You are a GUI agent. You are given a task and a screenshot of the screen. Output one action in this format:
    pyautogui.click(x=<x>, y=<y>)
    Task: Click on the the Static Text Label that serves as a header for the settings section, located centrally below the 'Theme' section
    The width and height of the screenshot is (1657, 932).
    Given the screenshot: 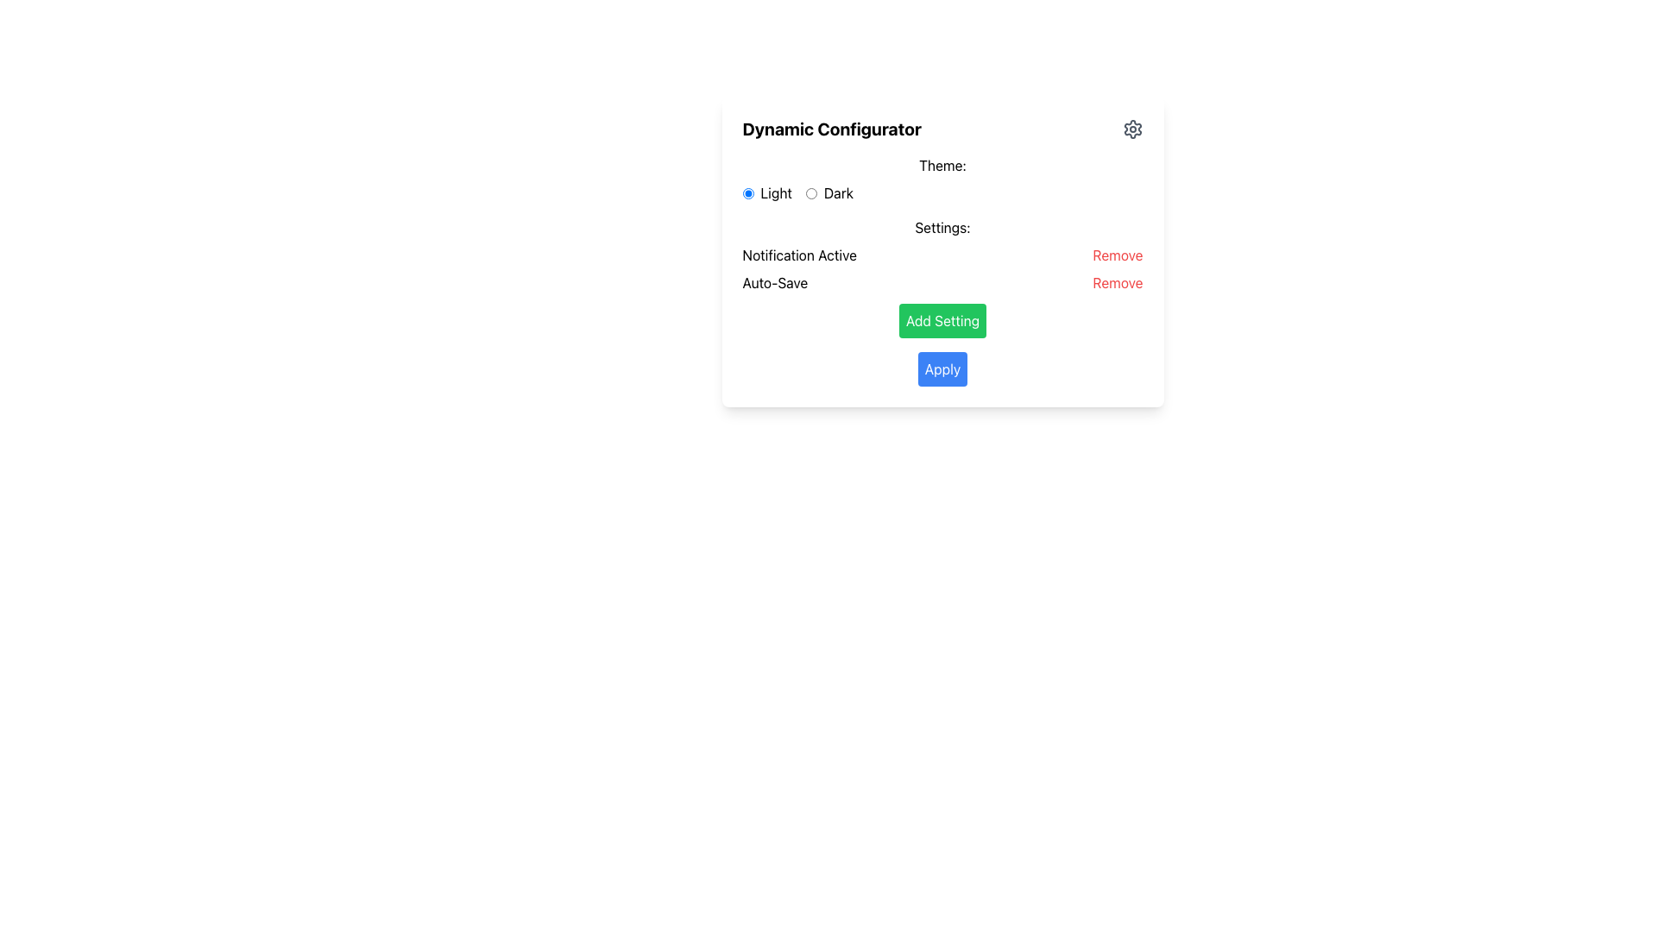 What is the action you would take?
    pyautogui.click(x=942, y=226)
    